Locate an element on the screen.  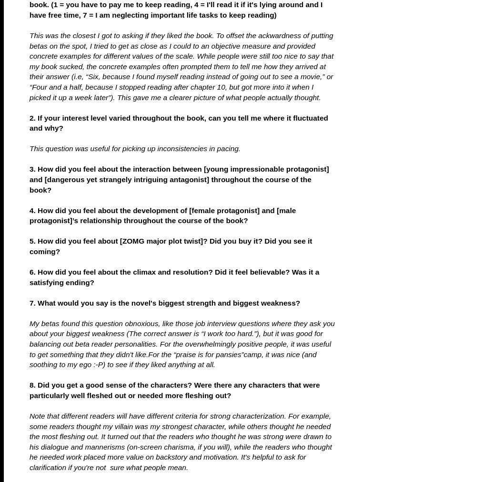
'5. How did you feel about [ZOMG major plot twist]? Did you buy it? Did you see it coming?' is located at coordinates (171, 246).